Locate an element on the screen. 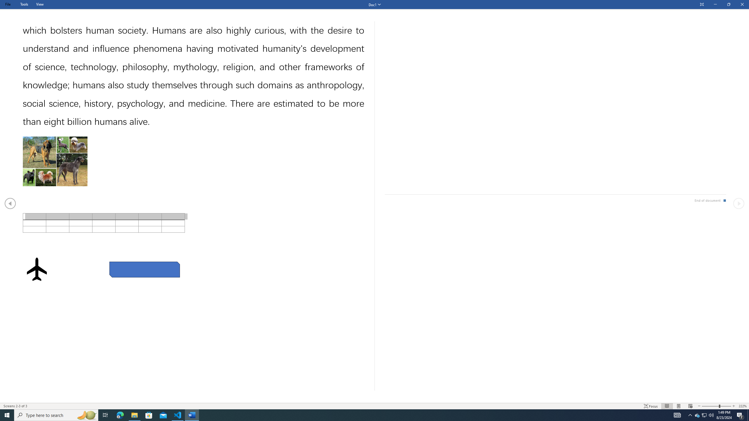  'Read Mode' is located at coordinates (666, 406).